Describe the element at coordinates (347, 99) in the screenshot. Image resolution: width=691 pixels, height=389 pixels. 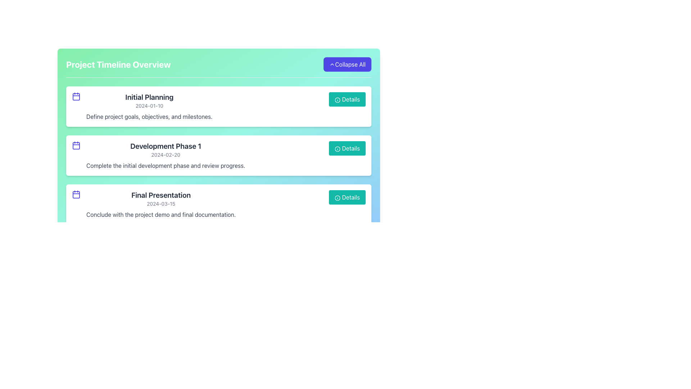
I see `the 'Details' button with white text on a teal green background located under the 'Project Timeline Overview' section in the 'Initial Planning' box` at that location.